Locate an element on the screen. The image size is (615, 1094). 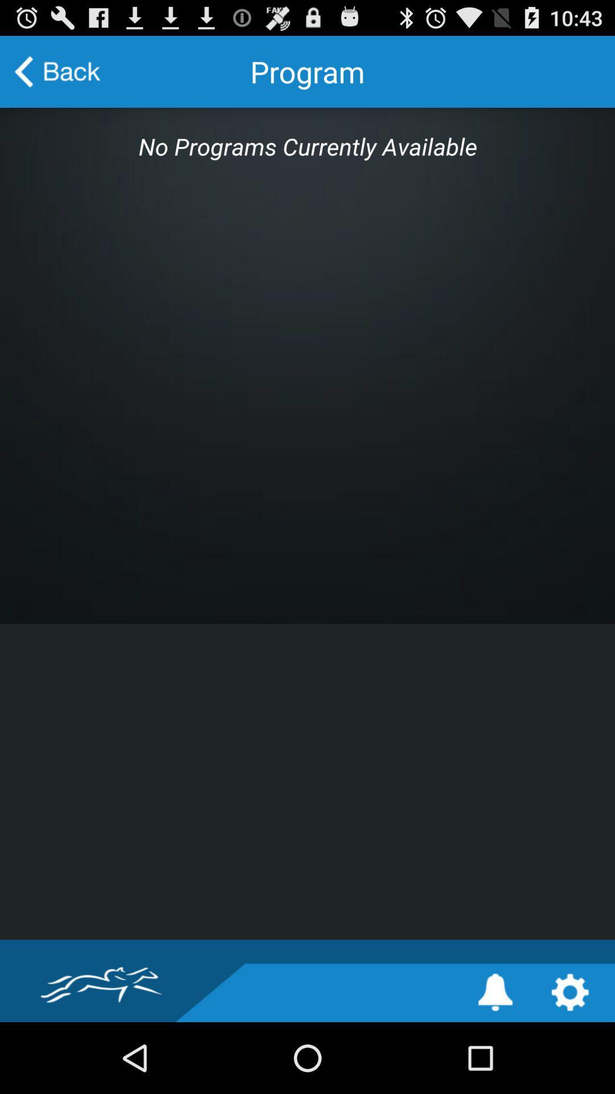
back is located at coordinates (58, 71).